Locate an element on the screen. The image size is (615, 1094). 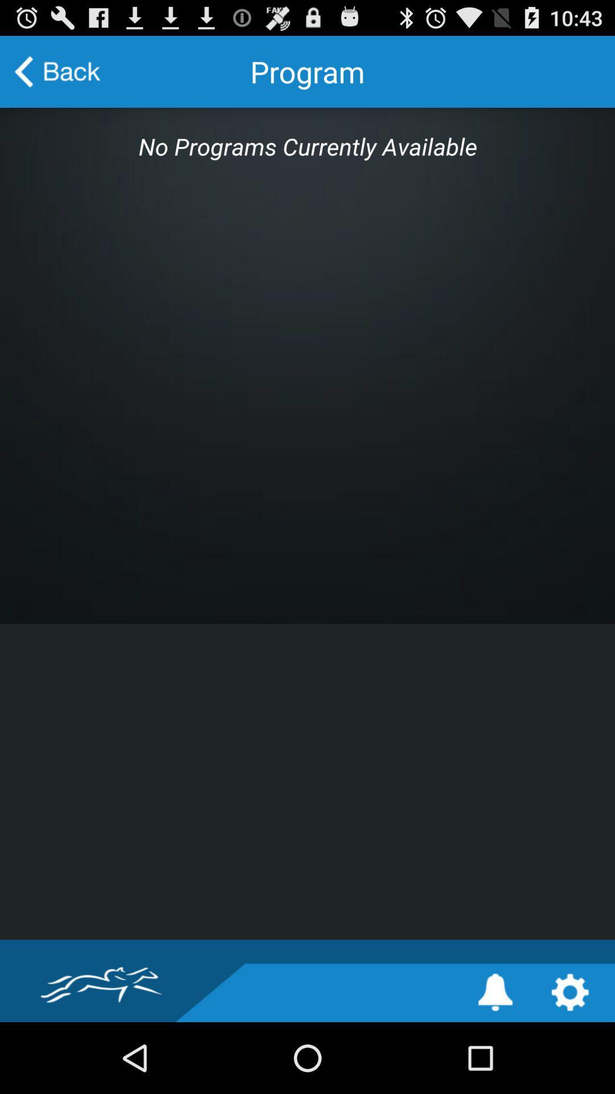
back is located at coordinates (58, 71).